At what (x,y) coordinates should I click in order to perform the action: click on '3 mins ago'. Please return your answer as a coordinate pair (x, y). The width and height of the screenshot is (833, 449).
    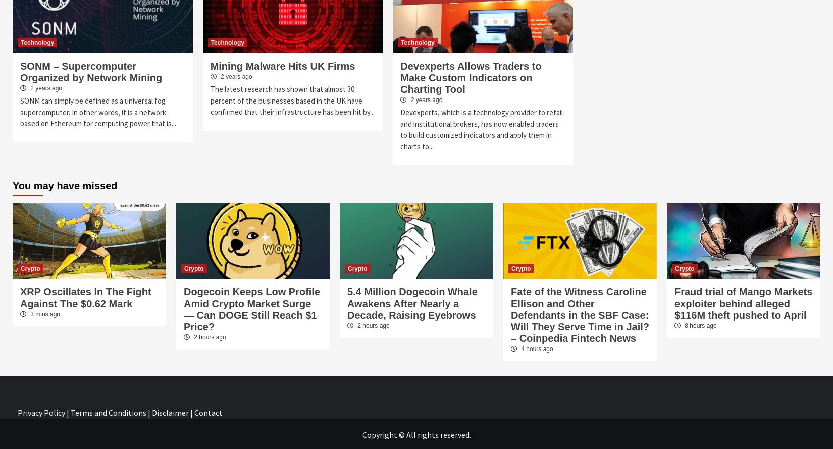
    Looking at the image, I should click on (44, 314).